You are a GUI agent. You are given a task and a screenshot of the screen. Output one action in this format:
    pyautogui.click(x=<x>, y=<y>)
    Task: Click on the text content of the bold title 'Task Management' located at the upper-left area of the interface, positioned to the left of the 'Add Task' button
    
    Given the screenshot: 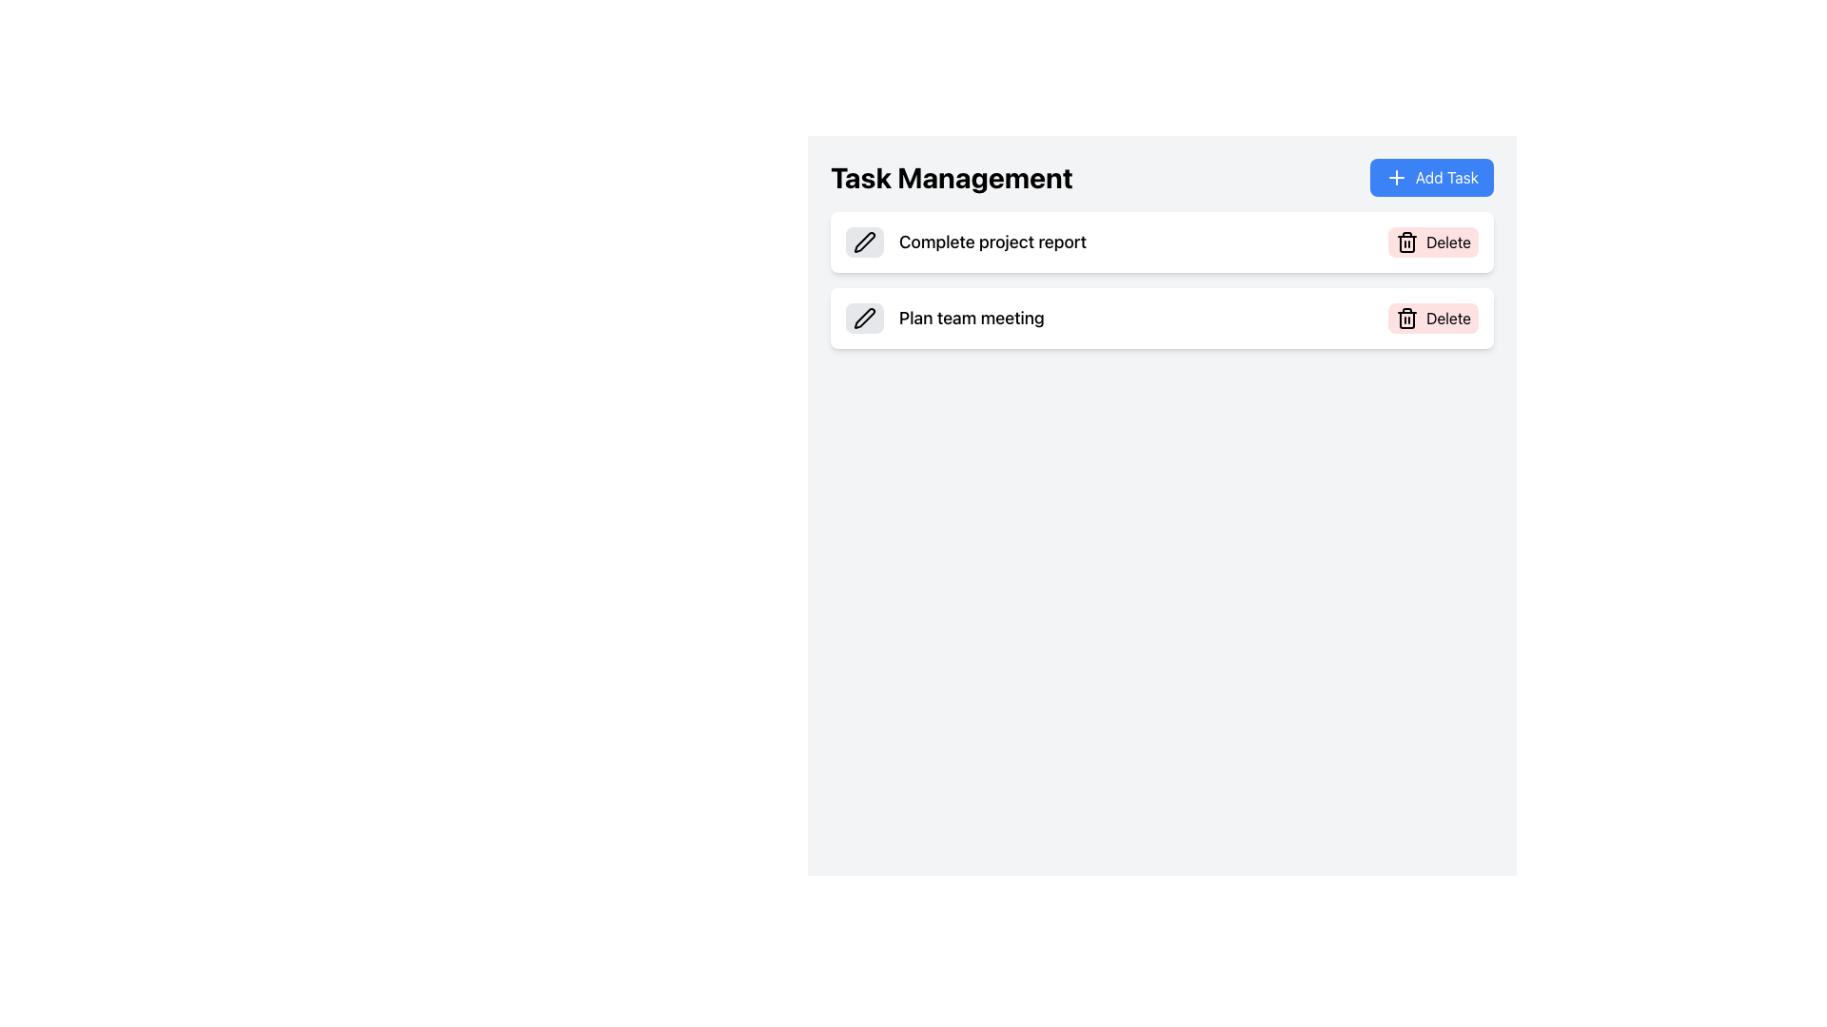 What is the action you would take?
    pyautogui.click(x=952, y=177)
    